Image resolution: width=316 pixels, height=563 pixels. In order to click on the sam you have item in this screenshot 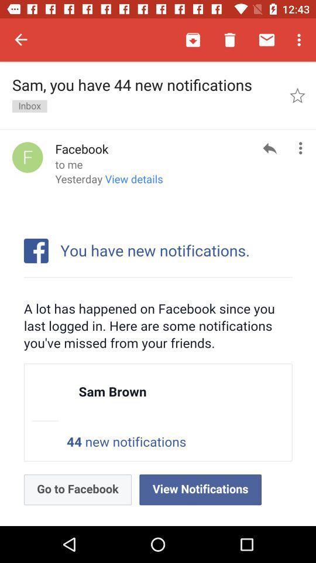, I will do `click(145, 94)`.